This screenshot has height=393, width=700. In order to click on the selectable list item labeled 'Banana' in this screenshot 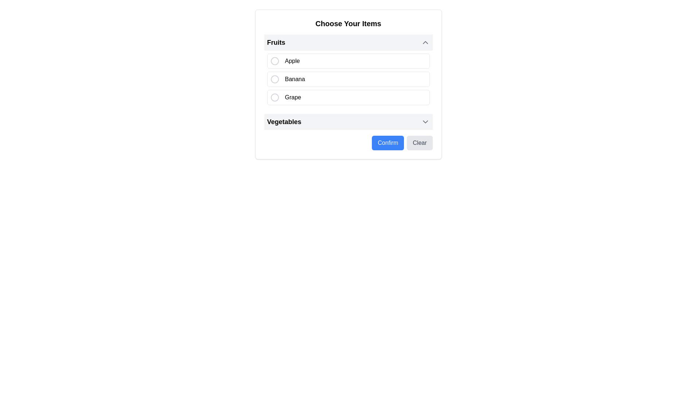, I will do `click(295, 79)`.